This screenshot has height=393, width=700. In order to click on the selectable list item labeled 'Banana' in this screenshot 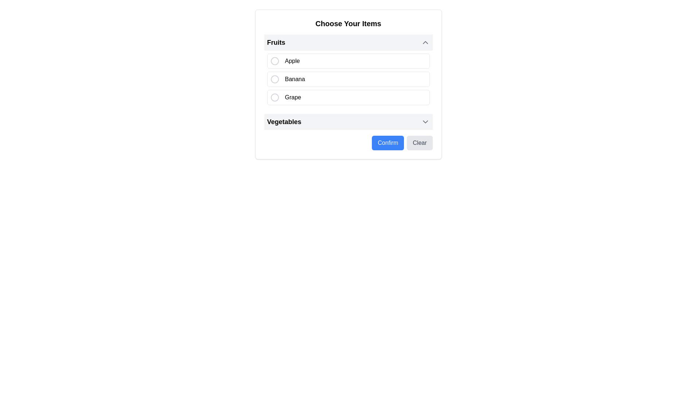, I will do `click(295, 79)`.